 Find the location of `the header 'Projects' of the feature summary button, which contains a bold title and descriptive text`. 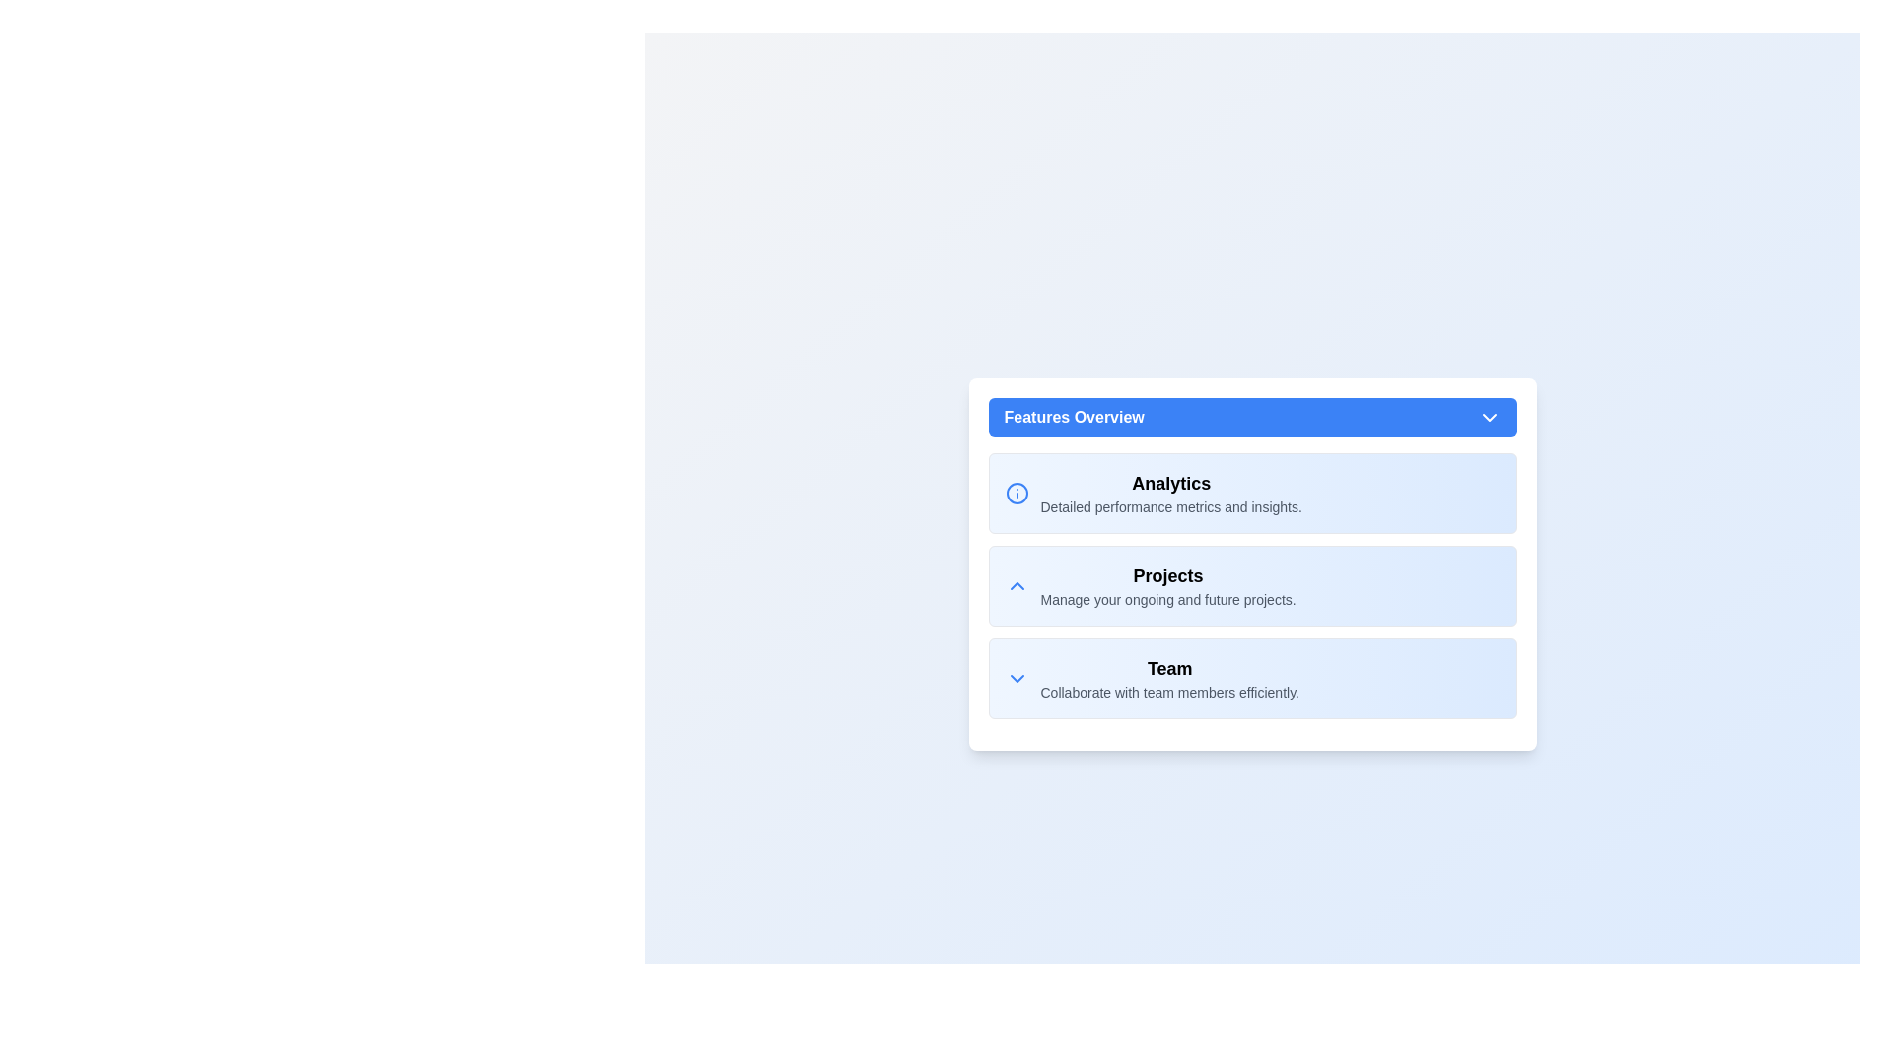

the header 'Projects' of the feature summary button, which contains a bold title and descriptive text is located at coordinates (1251, 584).